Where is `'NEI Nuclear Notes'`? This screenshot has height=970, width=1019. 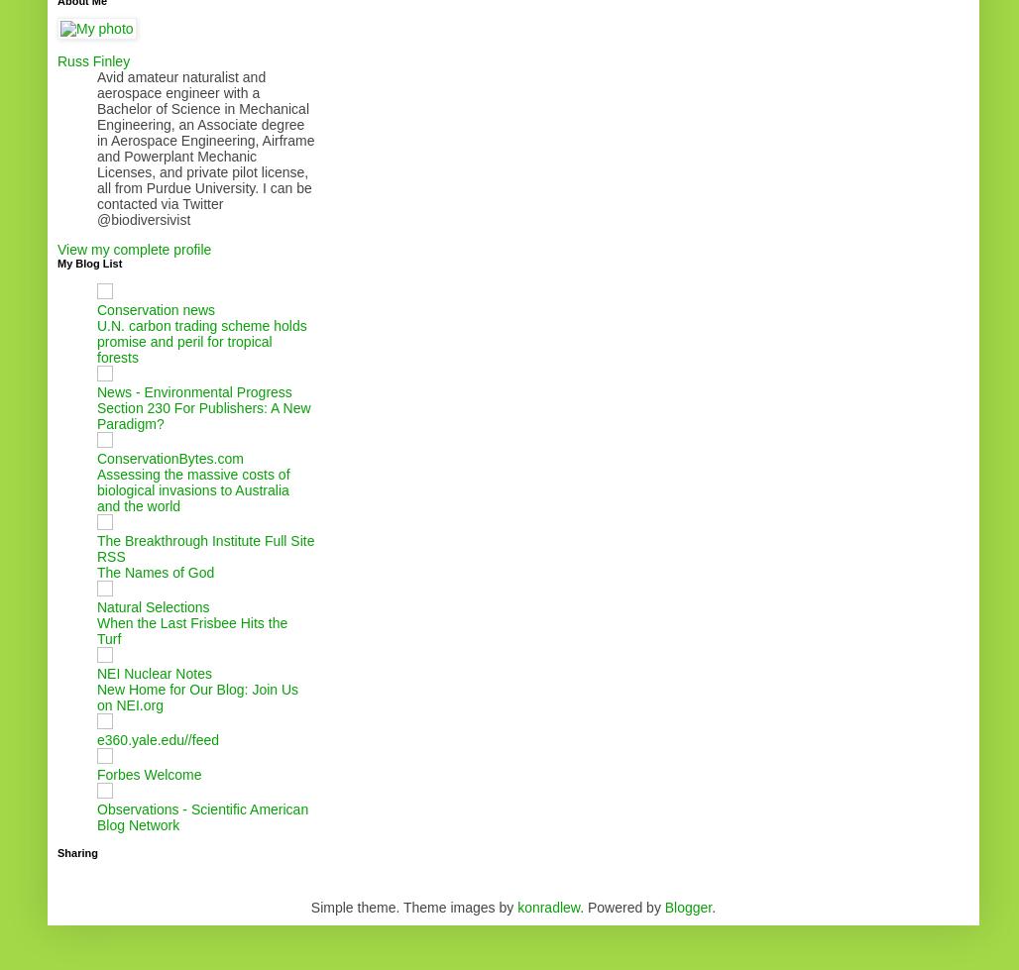
'NEI Nuclear Notes' is located at coordinates (95, 673).